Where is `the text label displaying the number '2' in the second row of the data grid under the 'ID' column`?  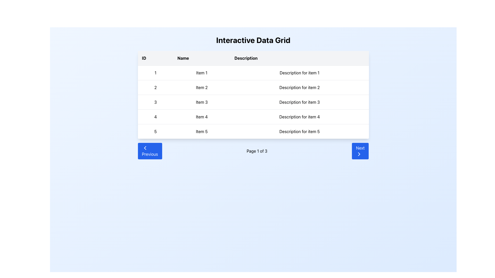
the text label displaying the number '2' in the second row of the data grid under the 'ID' column is located at coordinates (155, 87).